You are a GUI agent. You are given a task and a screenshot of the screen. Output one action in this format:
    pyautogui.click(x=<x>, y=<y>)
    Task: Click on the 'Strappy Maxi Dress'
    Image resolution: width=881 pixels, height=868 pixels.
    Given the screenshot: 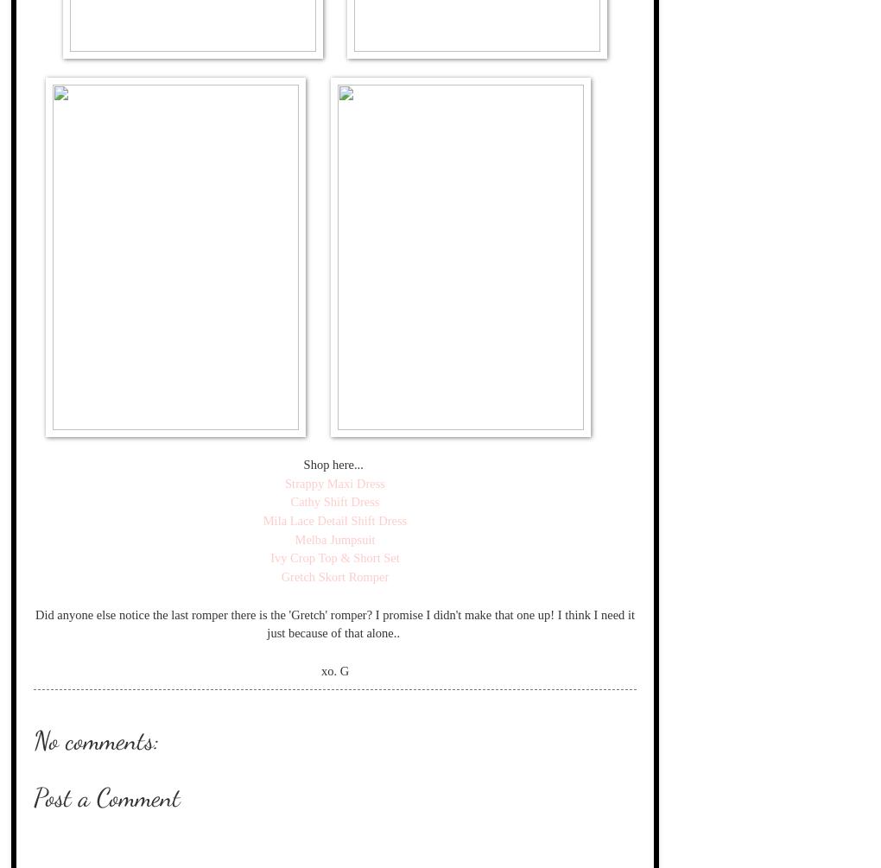 What is the action you would take?
    pyautogui.click(x=334, y=481)
    